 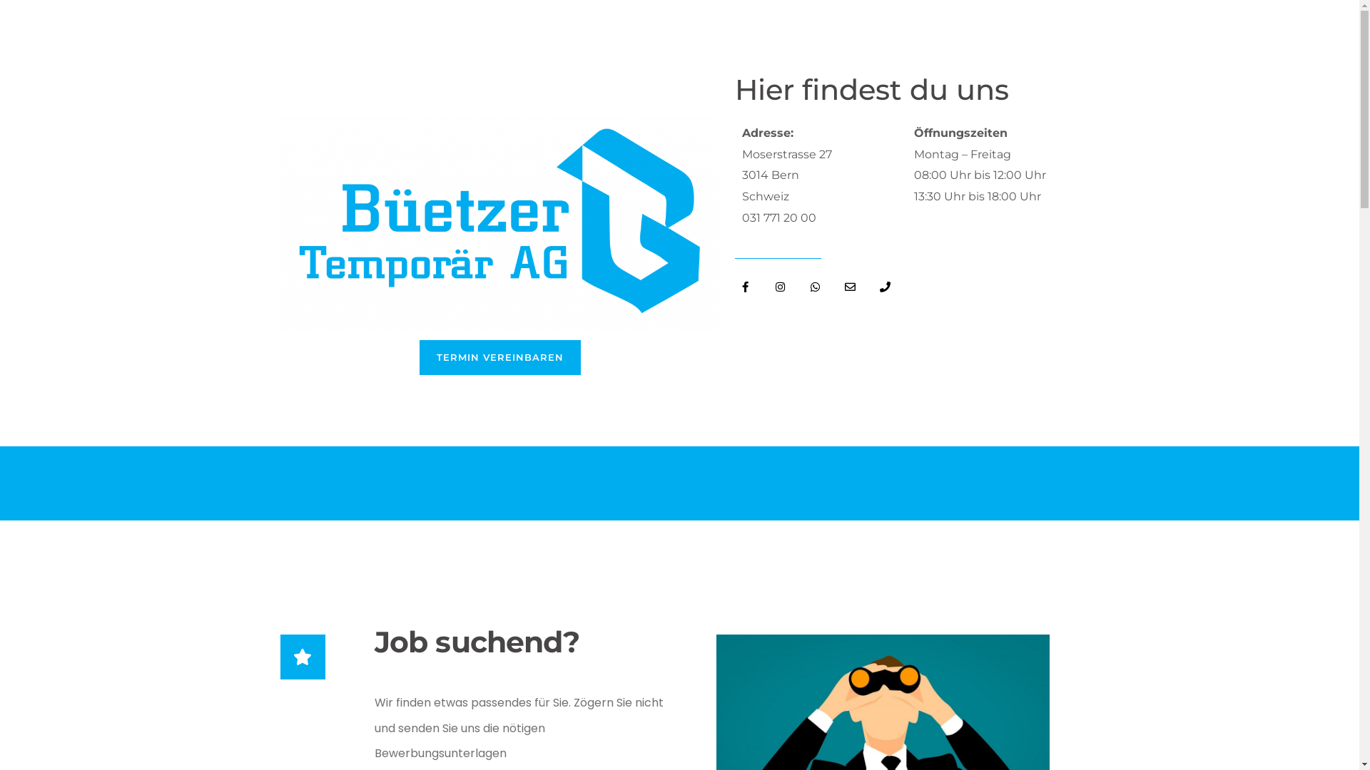 I want to click on 'TERMIN VEREINBAREN', so click(x=499, y=356).